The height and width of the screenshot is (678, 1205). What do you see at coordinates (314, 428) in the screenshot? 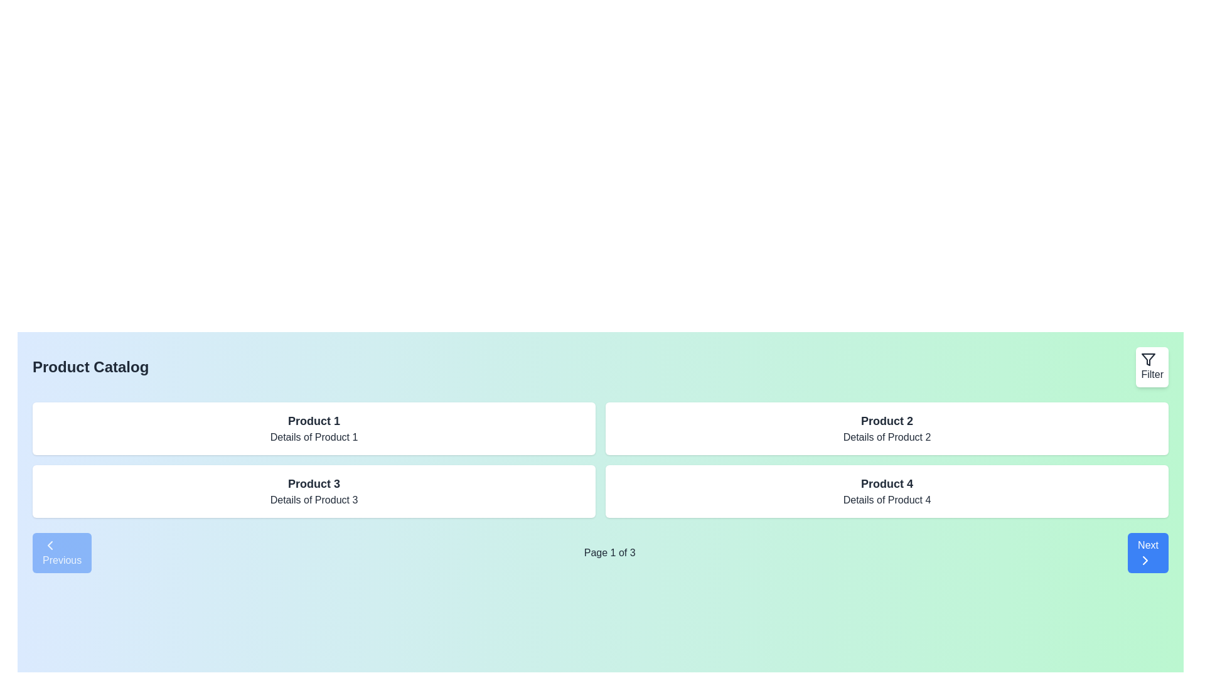
I see `the product by clicking on the product listing card located at the top-left corner of the grid layout` at bounding box center [314, 428].